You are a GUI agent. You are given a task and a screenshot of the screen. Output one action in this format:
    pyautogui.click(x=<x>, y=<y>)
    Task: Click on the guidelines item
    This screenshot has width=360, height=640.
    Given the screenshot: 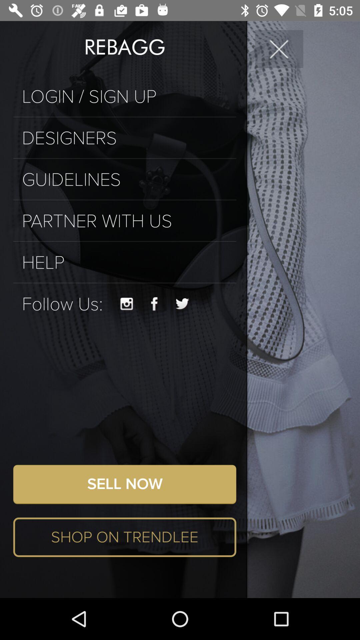 What is the action you would take?
    pyautogui.click(x=125, y=180)
    